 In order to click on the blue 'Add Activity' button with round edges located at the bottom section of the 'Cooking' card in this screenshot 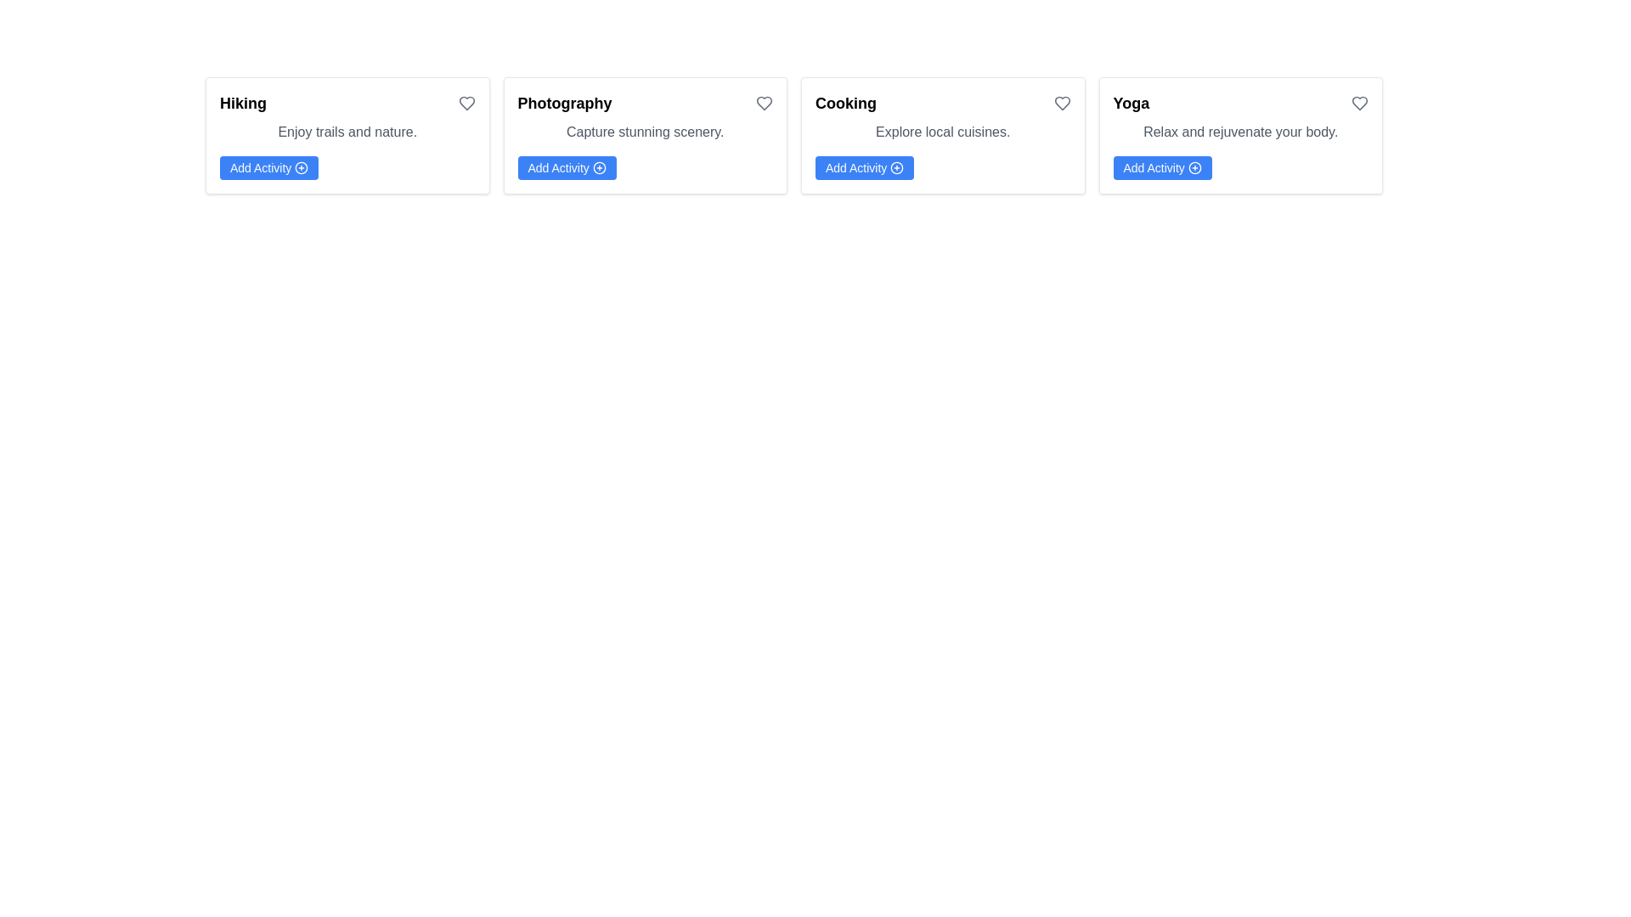, I will do `click(865, 167)`.